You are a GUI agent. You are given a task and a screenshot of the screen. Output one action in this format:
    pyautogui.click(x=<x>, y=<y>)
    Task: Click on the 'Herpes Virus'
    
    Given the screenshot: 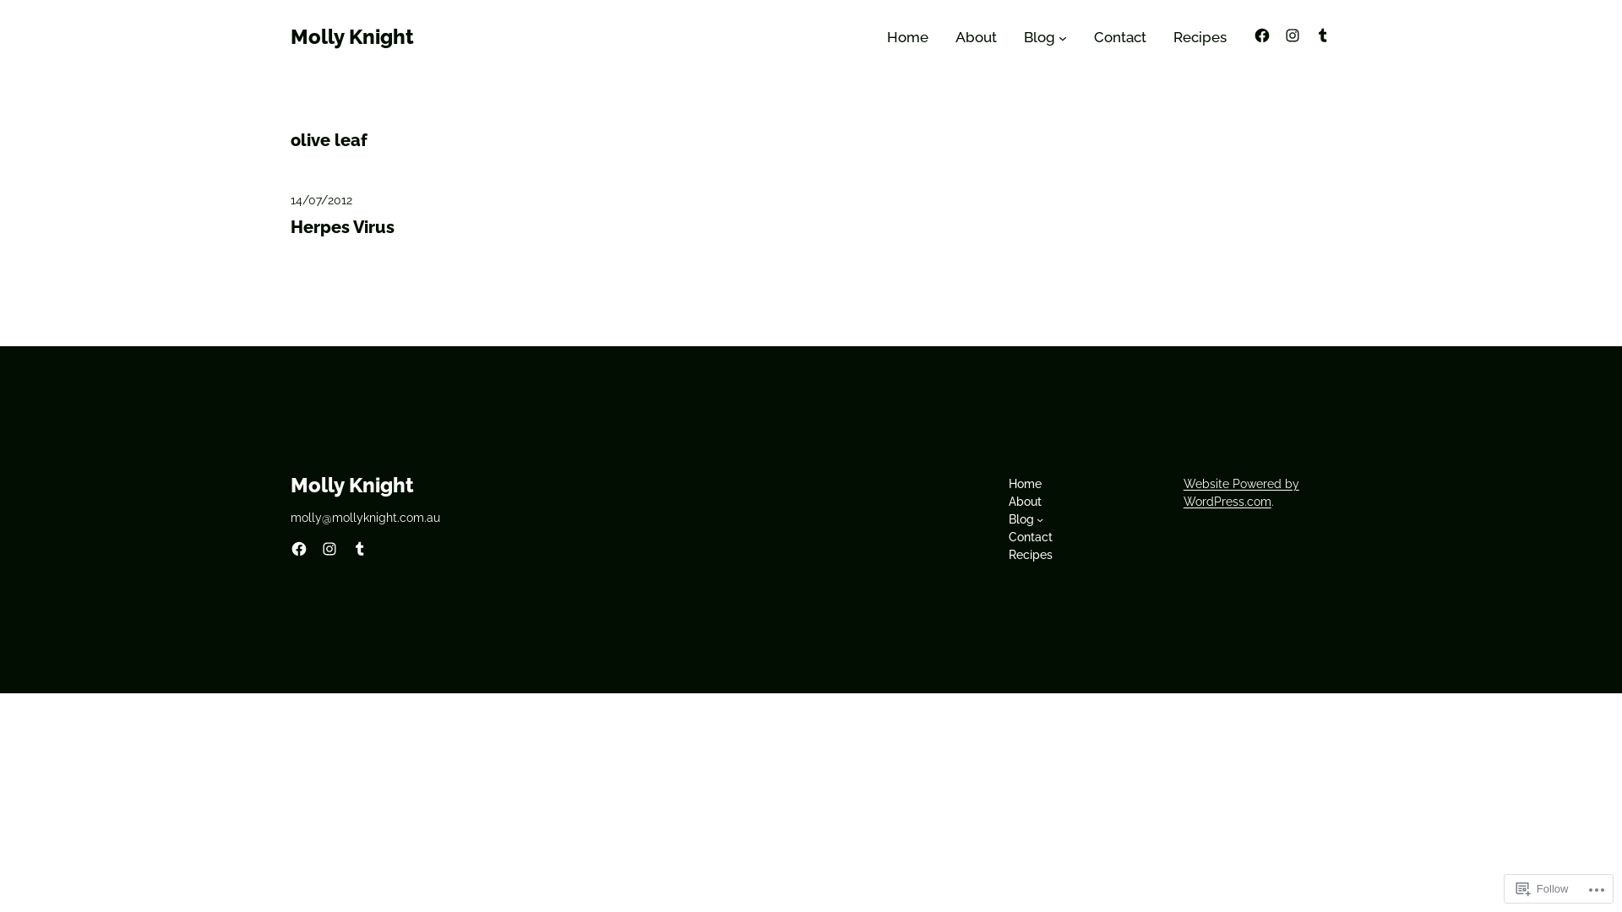 What is the action you would take?
    pyautogui.click(x=341, y=226)
    